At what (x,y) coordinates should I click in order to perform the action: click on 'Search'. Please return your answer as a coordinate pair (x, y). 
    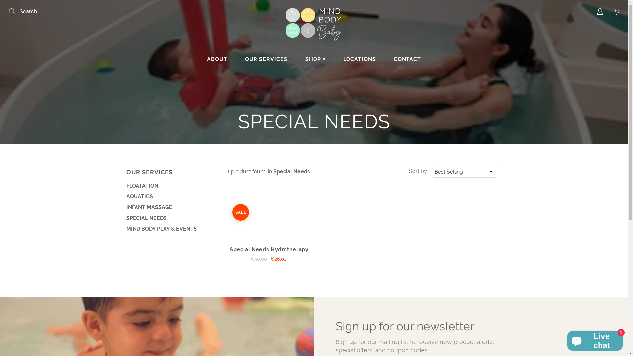
    Looking at the image, I should click on (12, 11).